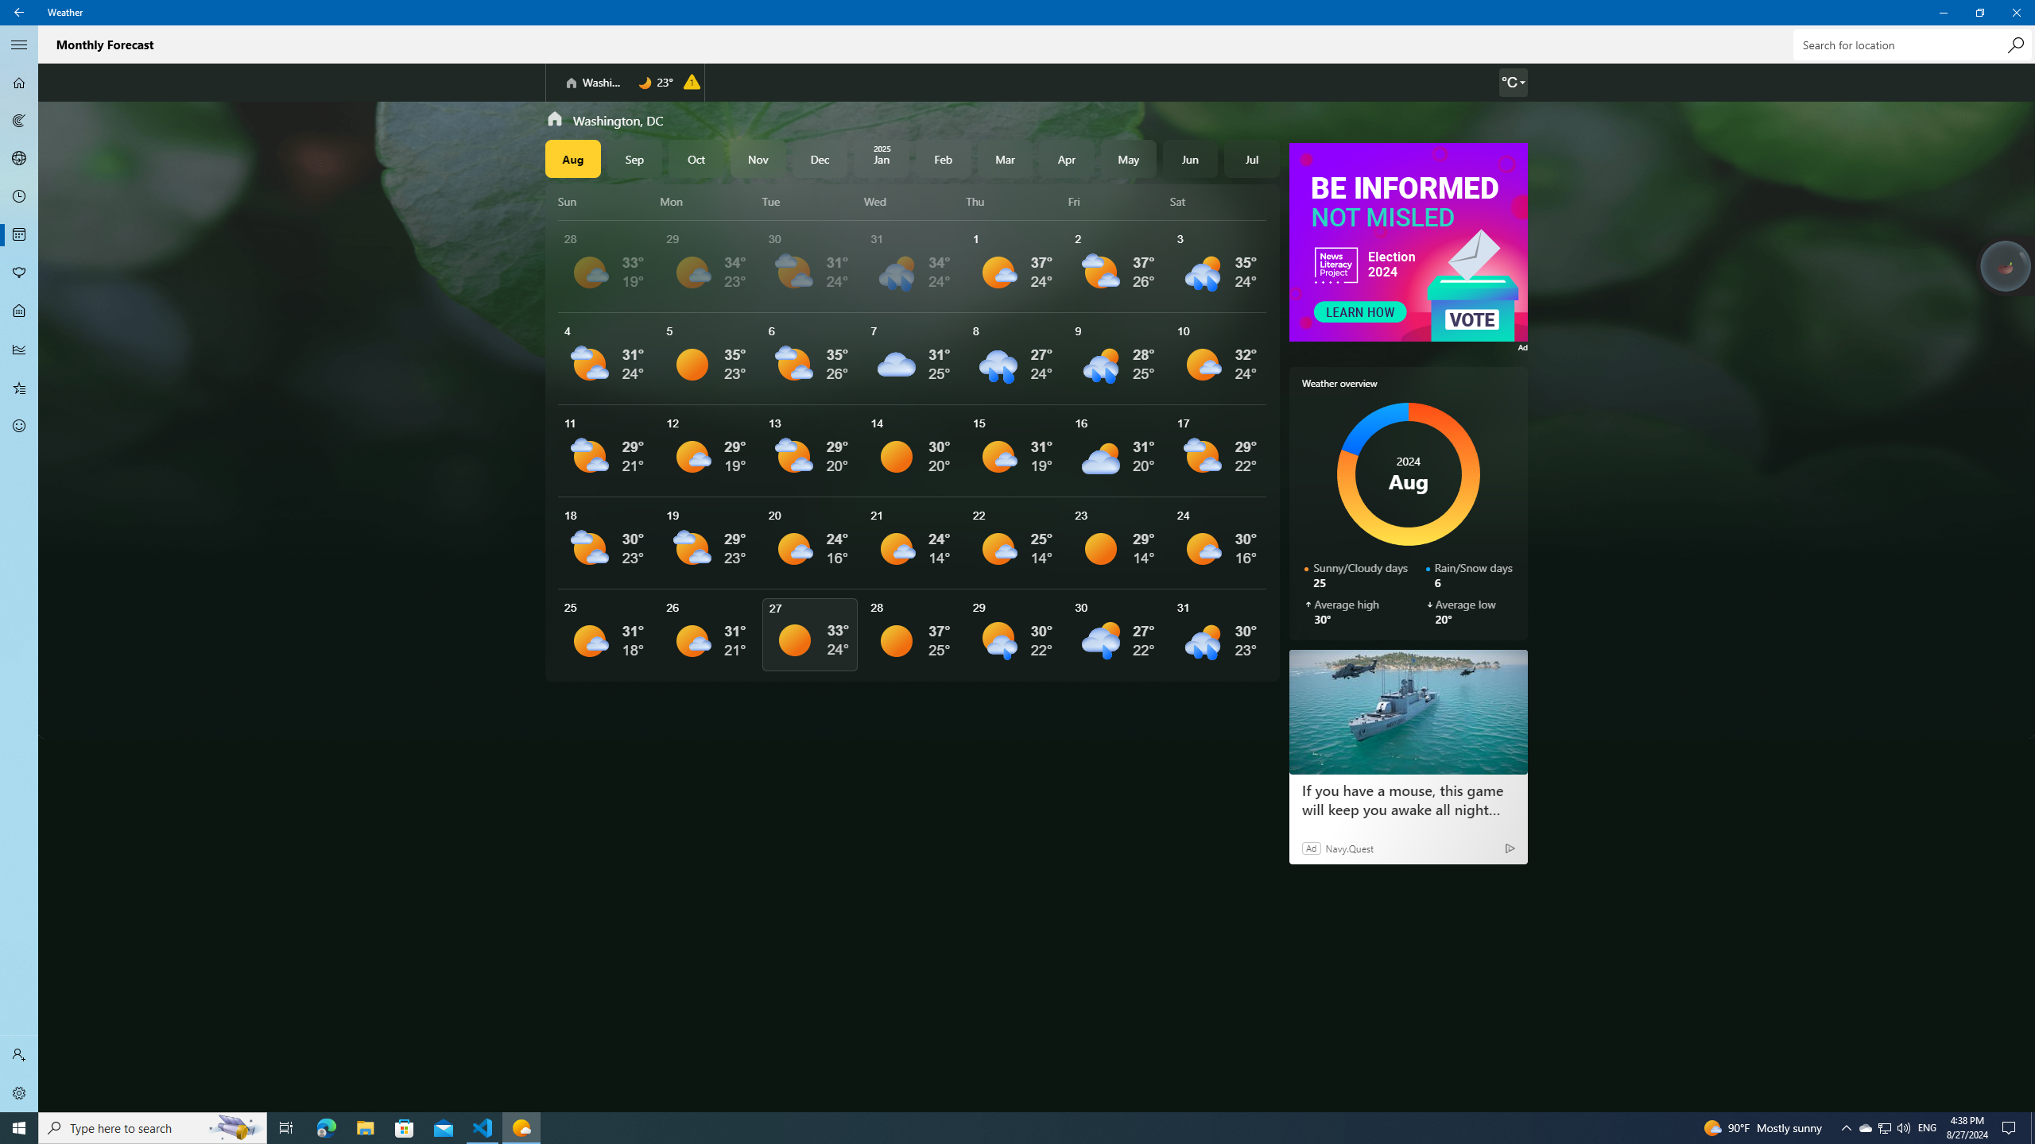 The width and height of the screenshot is (2035, 1144). What do you see at coordinates (2015, 12) in the screenshot?
I see `'Close Weather'` at bounding box center [2015, 12].